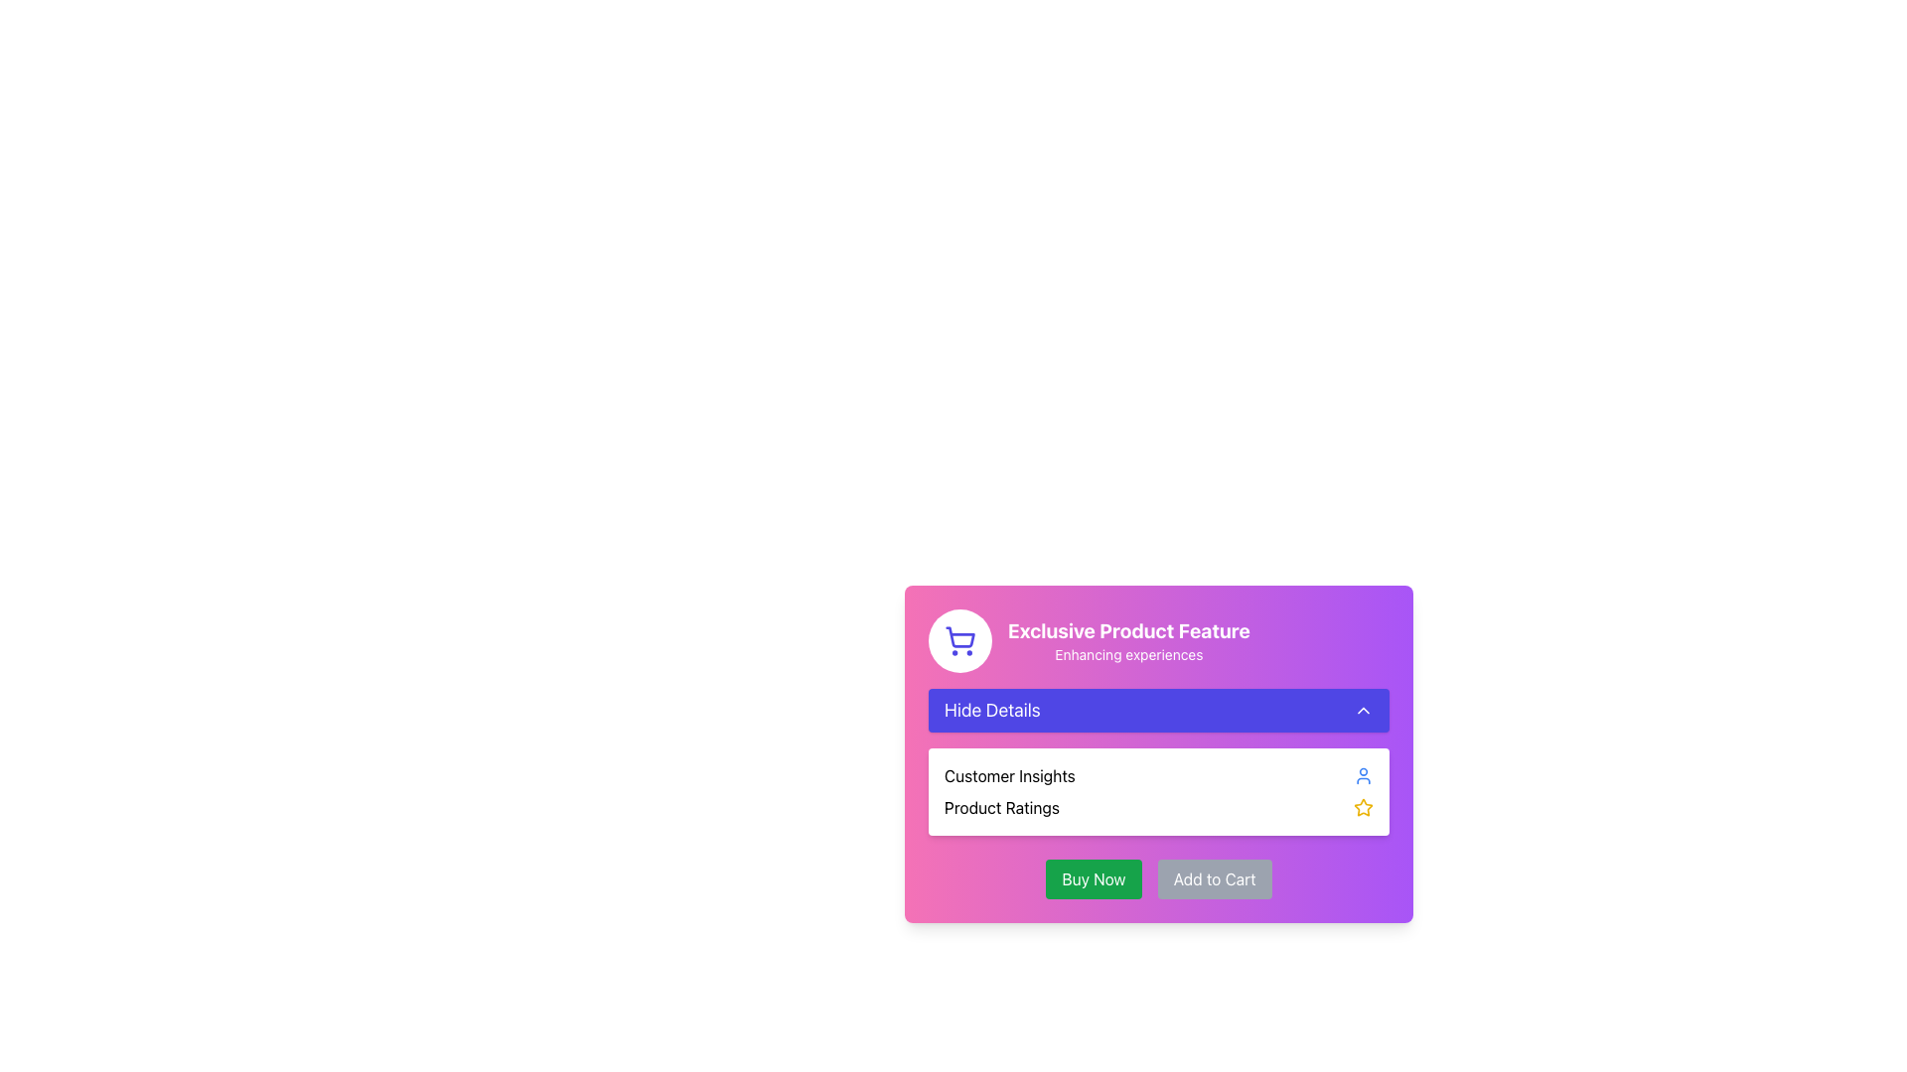  Describe the element at coordinates (1214, 878) in the screenshot. I see `the 'Add to Cart' button, which is a rectangular button with rounded corners, light gray background, and white centered text, to observe the hover effect` at that location.